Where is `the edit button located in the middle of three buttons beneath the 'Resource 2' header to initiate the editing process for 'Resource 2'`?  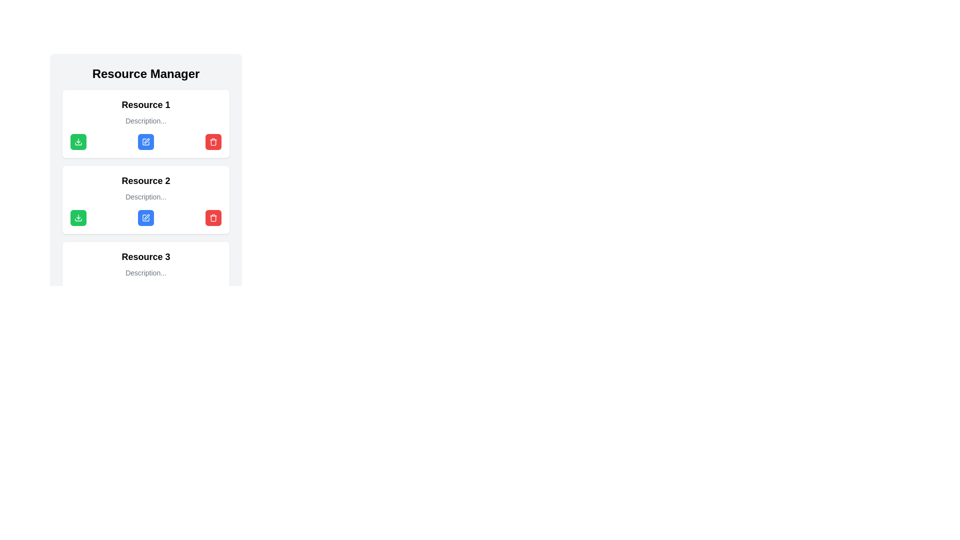
the edit button located in the middle of three buttons beneath the 'Resource 2' header to initiate the editing process for 'Resource 2' is located at coordinates (145, 217).